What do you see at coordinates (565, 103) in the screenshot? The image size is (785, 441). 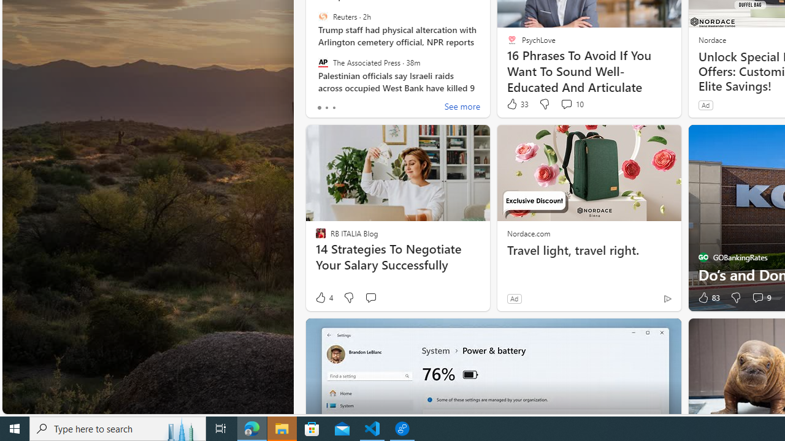 I see `'View comments 10 Comment'` at bounding box center [565, 103].